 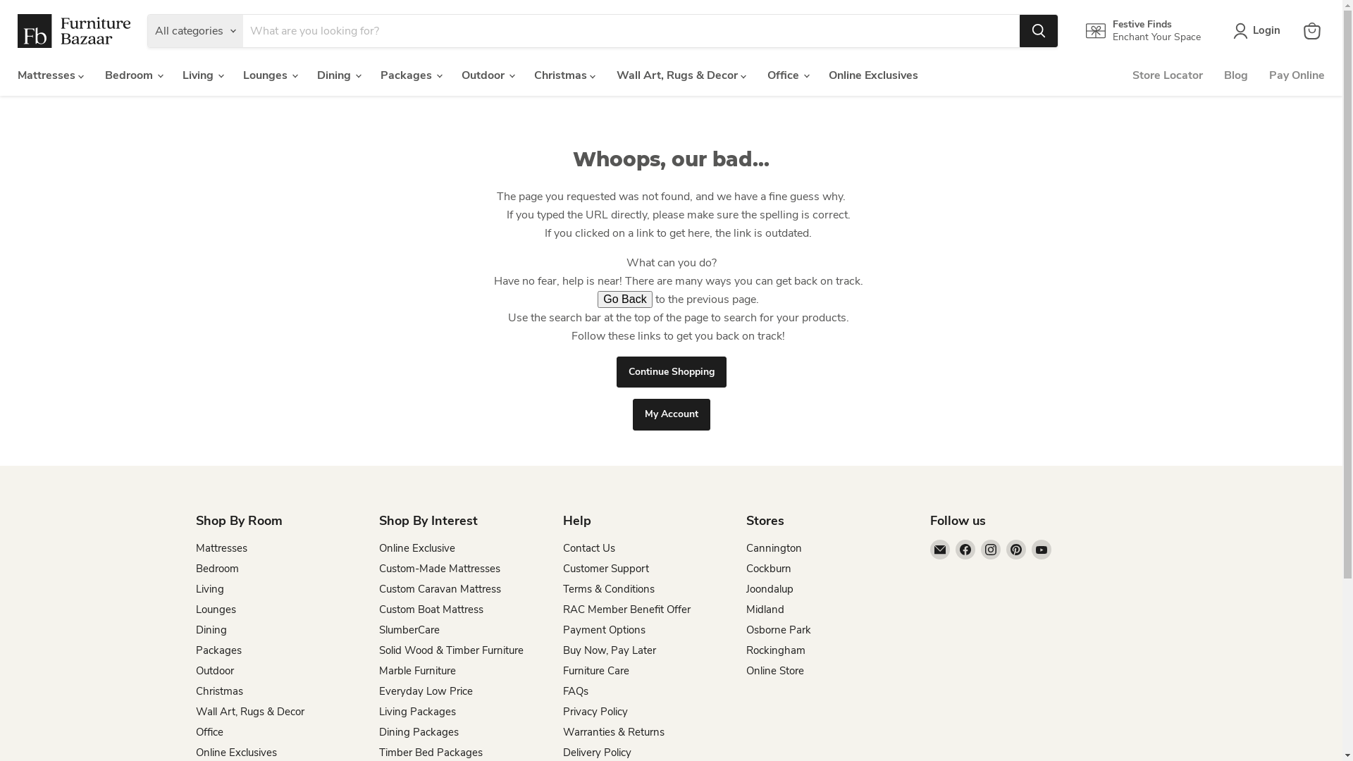 What do you see at coordinates (1297, 75) in the screenshot?
I see `'Pay Online'` at bounding box center [1297, 75].